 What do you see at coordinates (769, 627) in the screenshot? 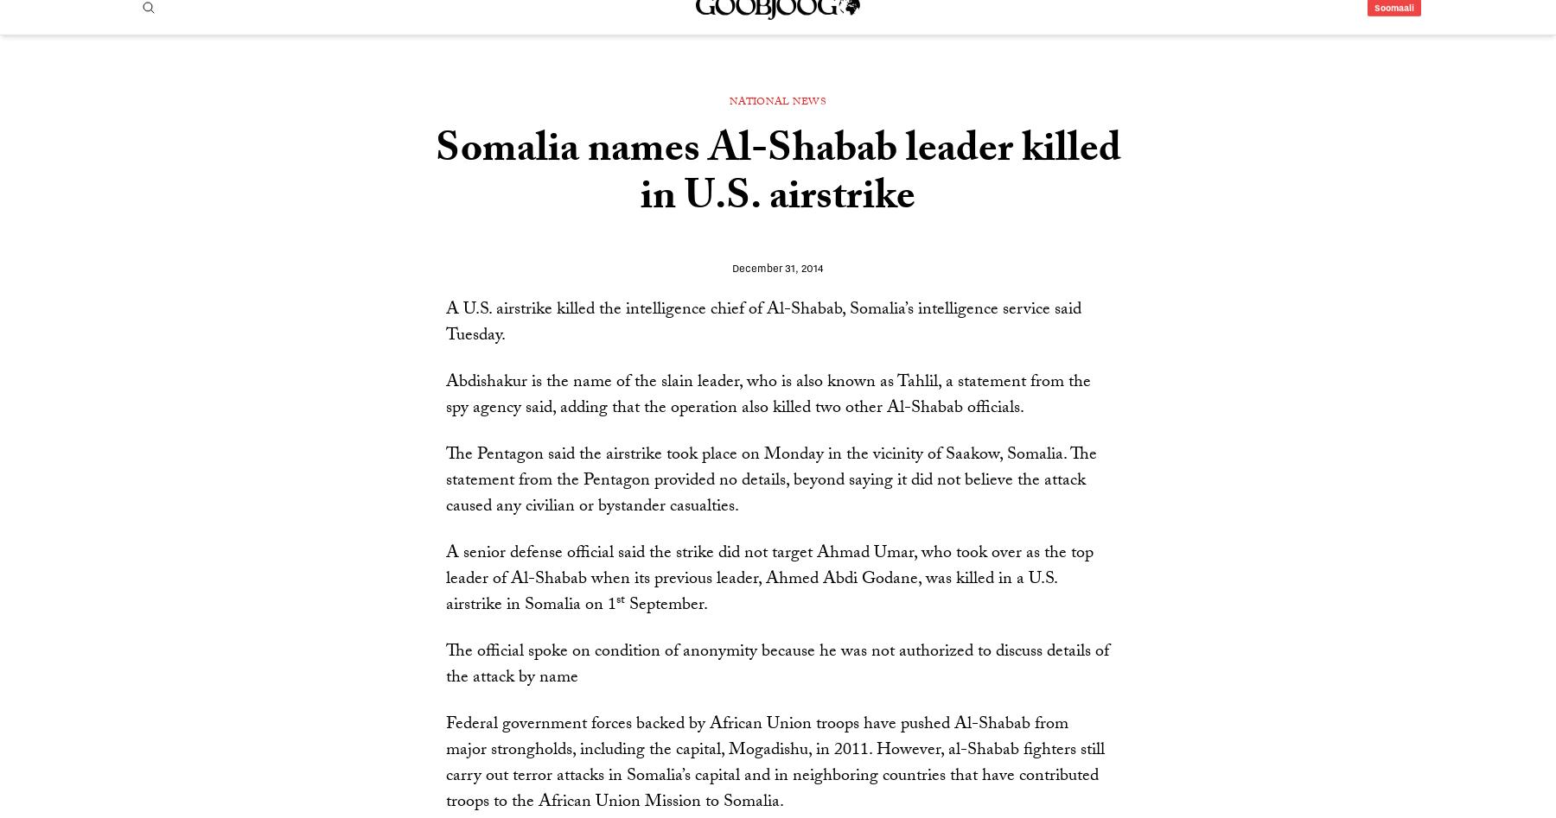
I see `'A senior defense official said the strike did not target Ahmad Umar, who took over as the top leader of Al-Shabab when its previous leader, Ahmed Abdi Godane, was killed in a U.S. airstrike in Somalia on 1'` at bounding box center [769, 627].